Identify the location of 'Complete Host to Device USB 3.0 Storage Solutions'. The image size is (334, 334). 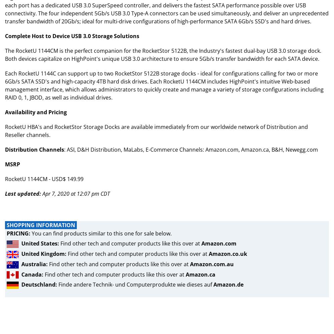
(72, 36).